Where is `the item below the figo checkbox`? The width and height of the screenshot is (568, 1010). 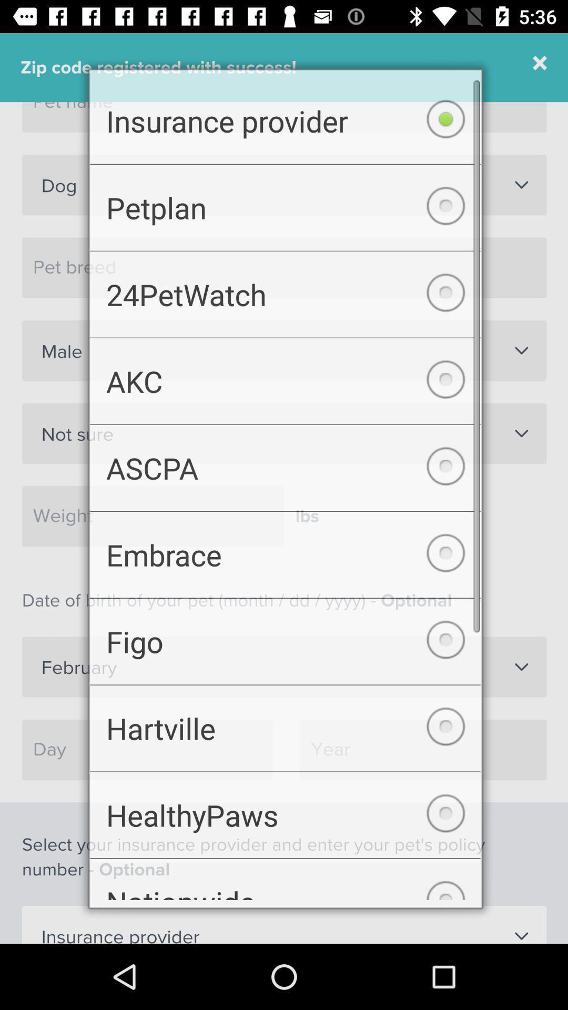 the item below the figo checkbox is located at coordinates (285, 734).